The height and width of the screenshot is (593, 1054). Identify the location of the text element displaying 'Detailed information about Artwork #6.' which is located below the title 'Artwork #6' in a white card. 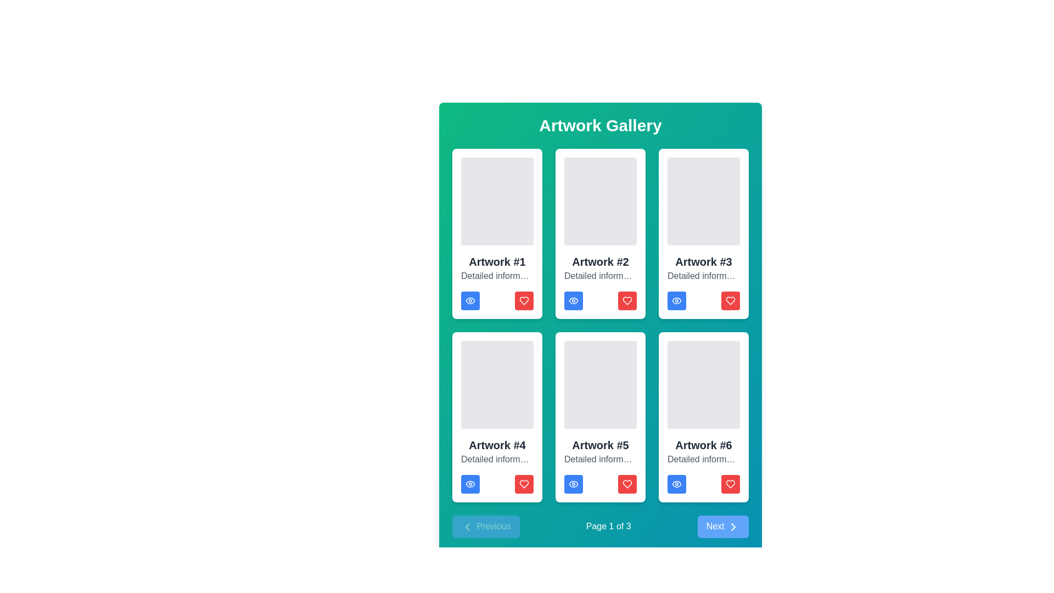
(703, 460).